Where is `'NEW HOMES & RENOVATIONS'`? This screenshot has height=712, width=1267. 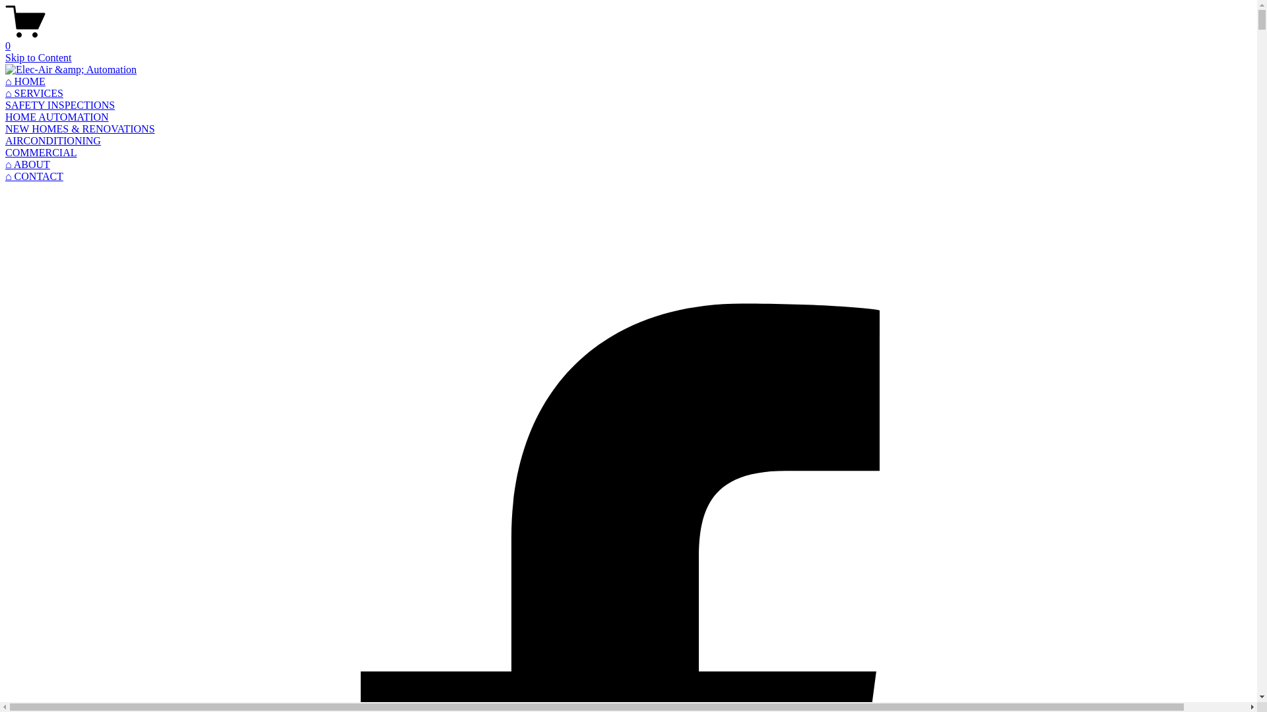
'NEW HOMES & RENOVATIONS' is located at coordinates (79, 129).